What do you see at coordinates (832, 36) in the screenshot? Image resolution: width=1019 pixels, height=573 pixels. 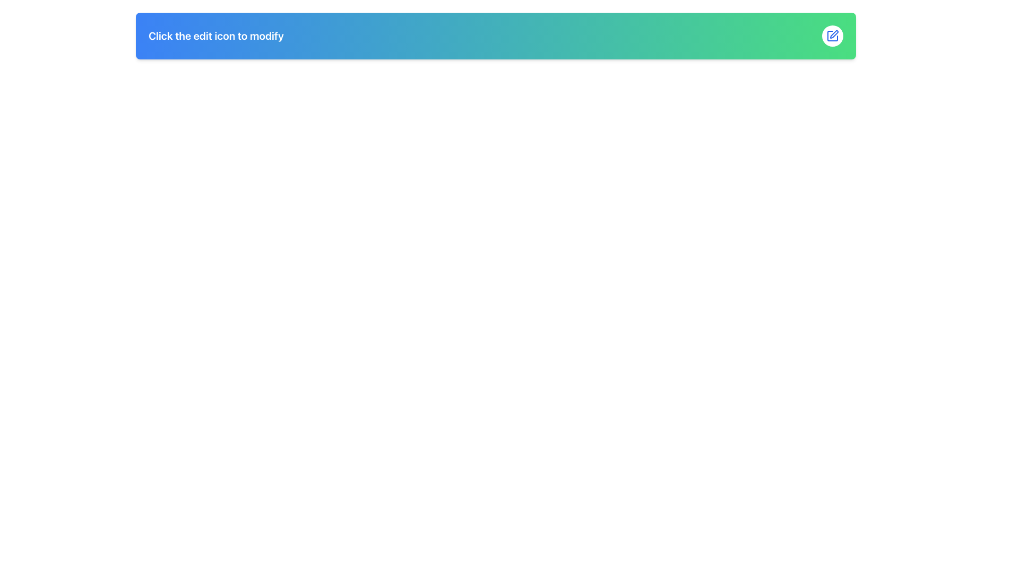 I see `the blue pen-shaped icon enclosed in a white circular background located in the top-right corner of the interface` at bounding box center [832, 36].